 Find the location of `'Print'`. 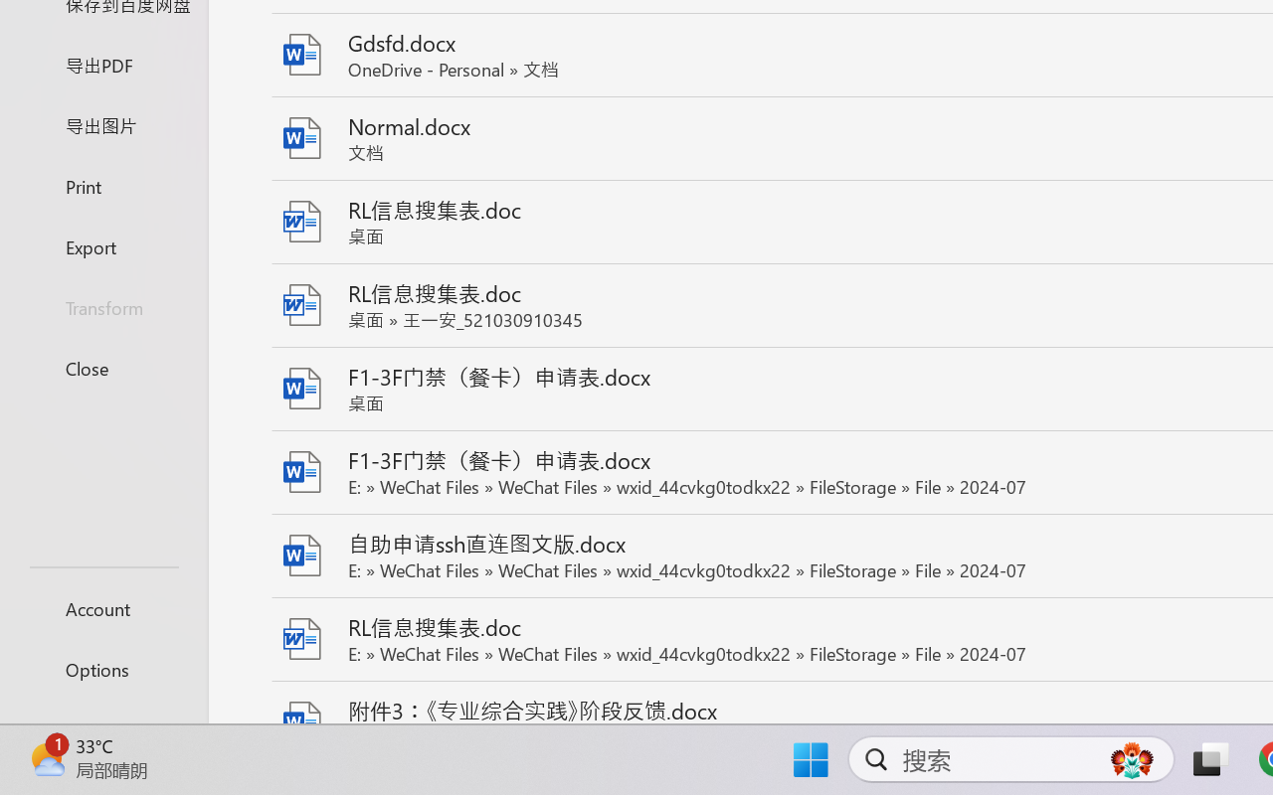

'Print' is located at coordinates (102, 185).